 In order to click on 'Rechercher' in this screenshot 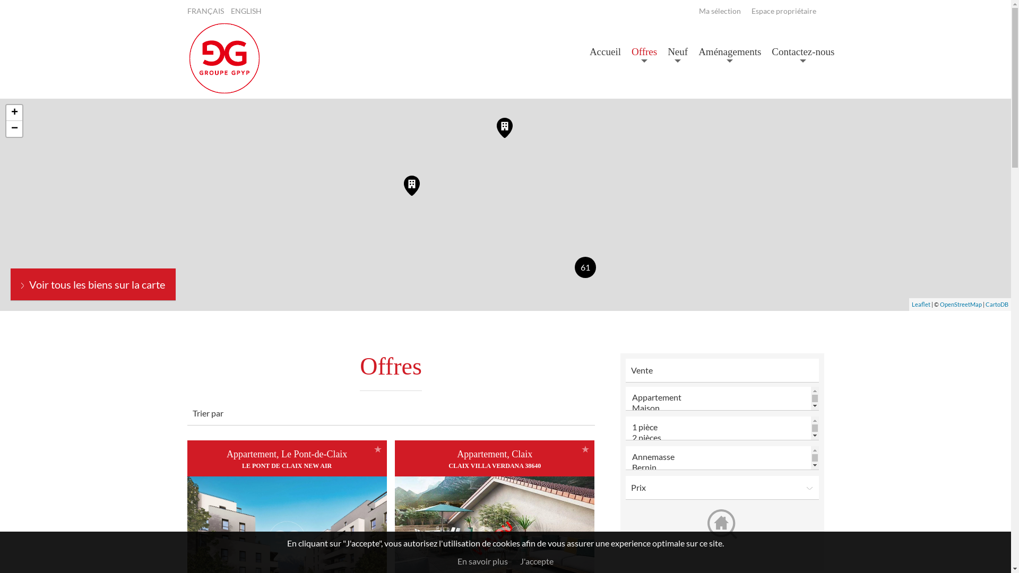, I will do `click(721, 523)`.